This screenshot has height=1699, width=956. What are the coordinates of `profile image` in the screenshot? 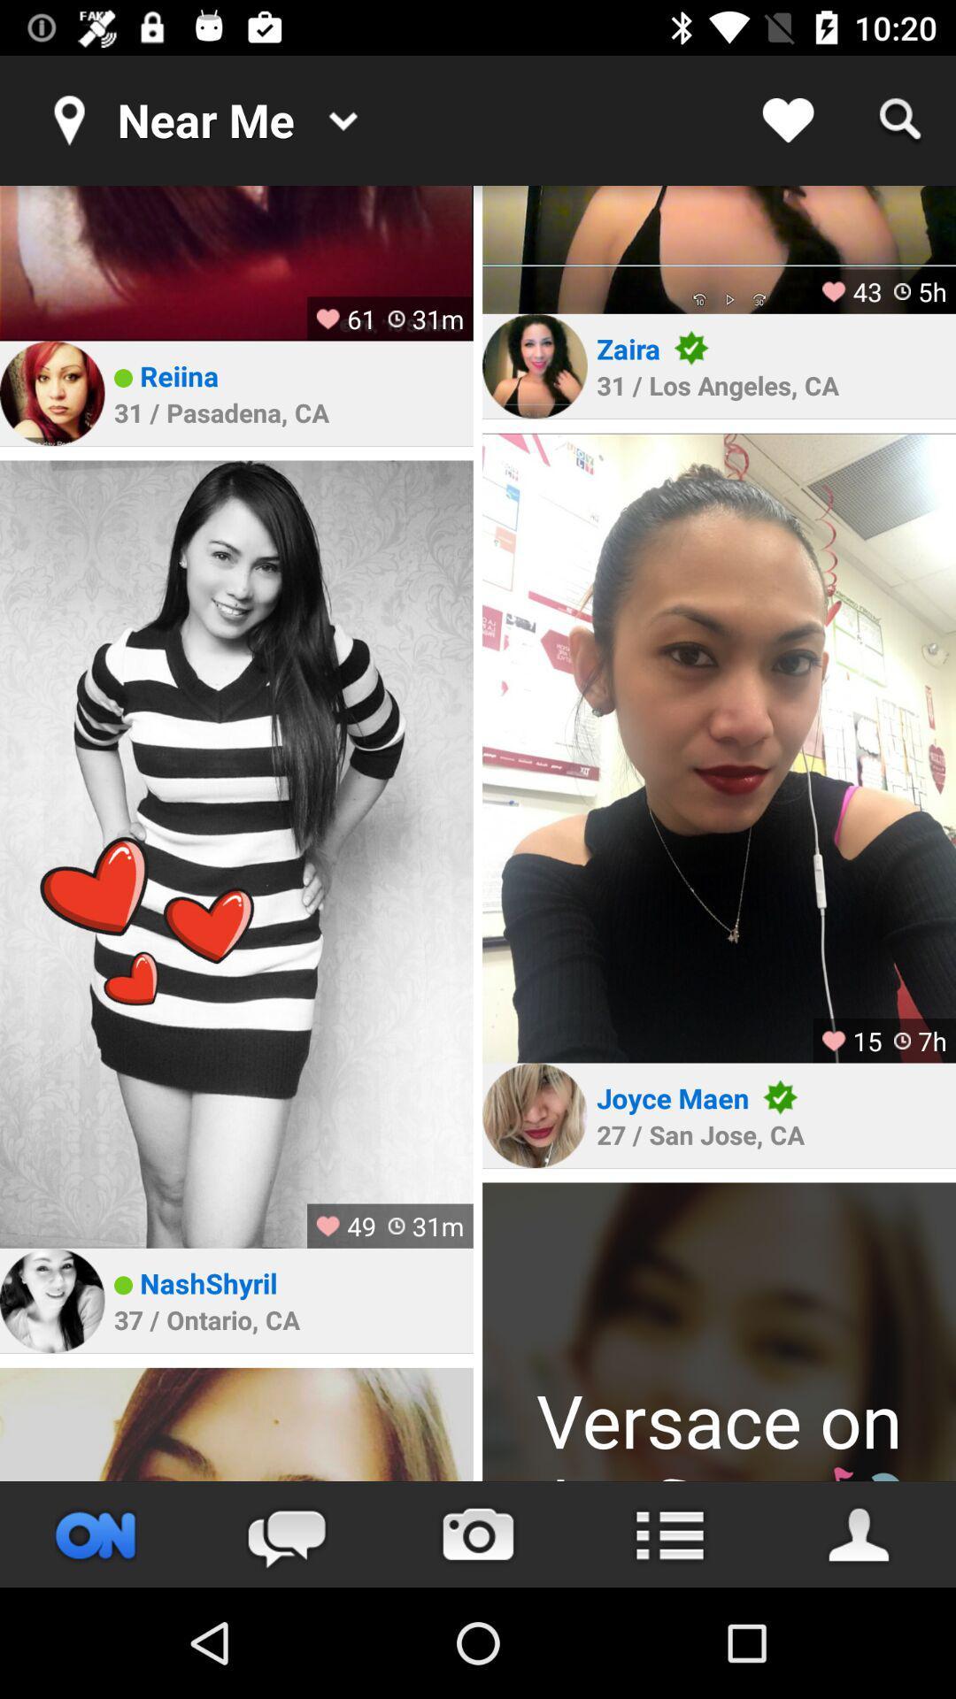 It's located at (719, 1332).